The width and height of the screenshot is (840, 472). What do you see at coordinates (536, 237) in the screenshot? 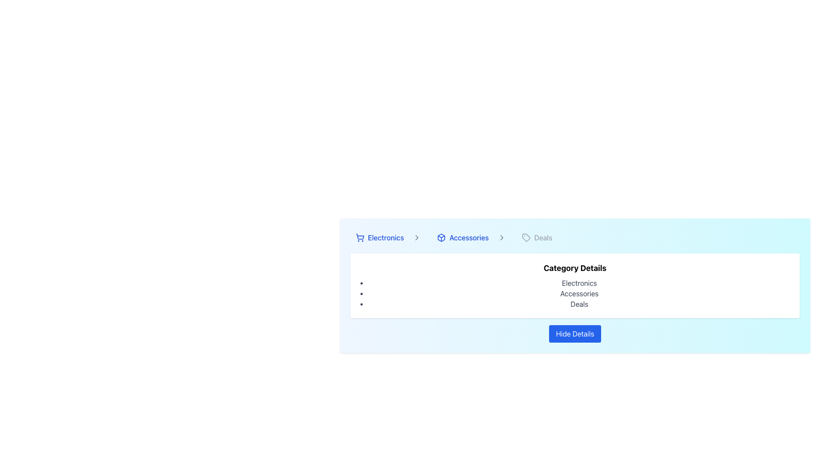
I see `the third breadcrumb navigation link` at bounding box center [536, 237].